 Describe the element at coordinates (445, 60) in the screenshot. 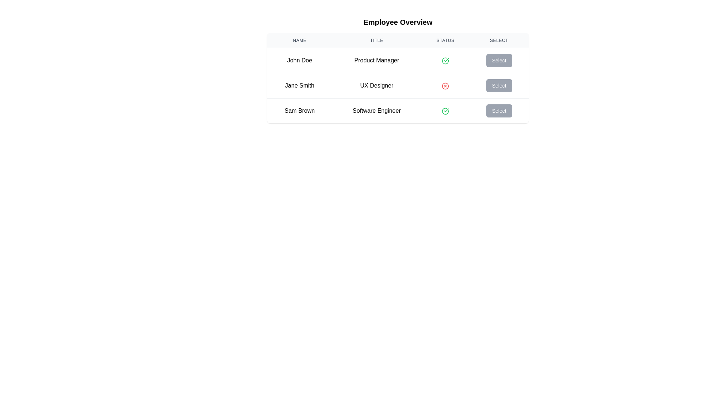

I see `the circular icon with a green border and check mark that indicates a positive status, located in the 'STATUS' column of the 'Employee Overview' table, corresponding to Sam Brown's entry` at that location.